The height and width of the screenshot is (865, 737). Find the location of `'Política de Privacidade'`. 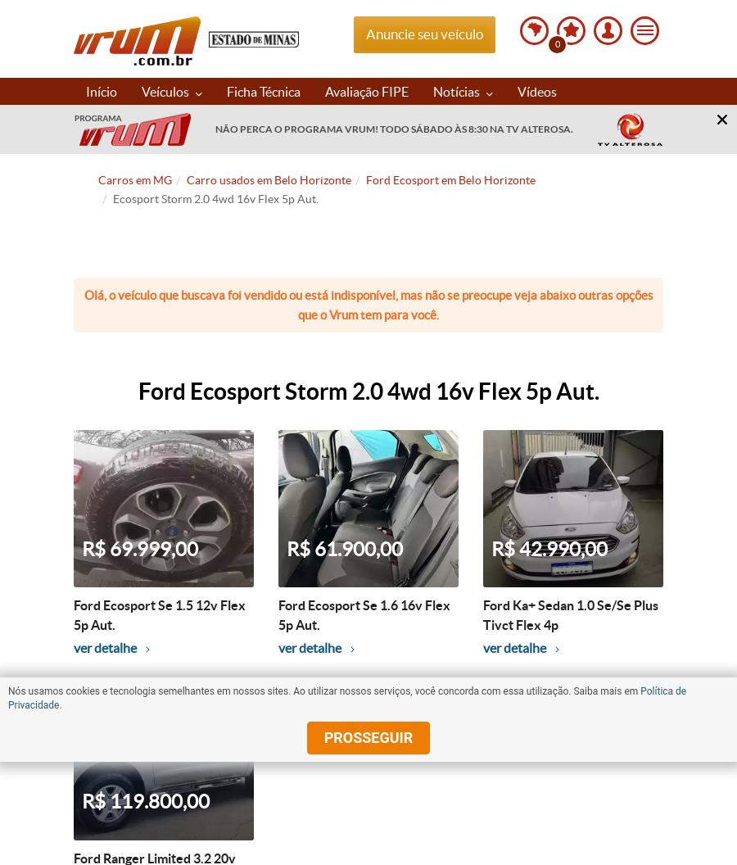

'Política de Privacidade' is located at coordinates (7, 698).